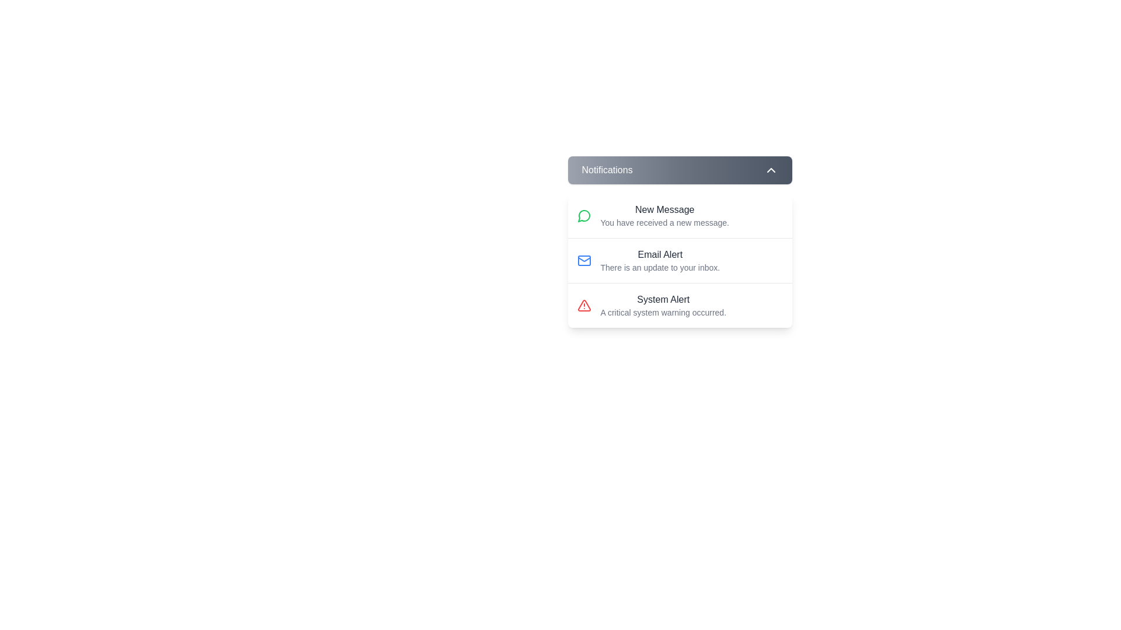 The height and width of the screenshot is (630, 1121). I want to click on the Notification component, which is the second notification entry in the interface, located between 'New Message' and 'System Alert', so click(680, 242).